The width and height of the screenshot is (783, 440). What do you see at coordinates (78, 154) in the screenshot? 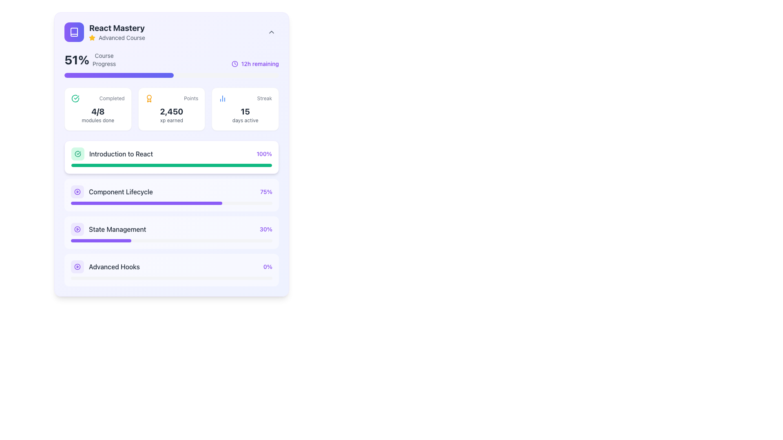
I see `the circular green icon with a check mark inside, which signifies a completed status, located to the left of the module title in the progress section of the 'Introduction to React' module` at bounding box center [78, 154].